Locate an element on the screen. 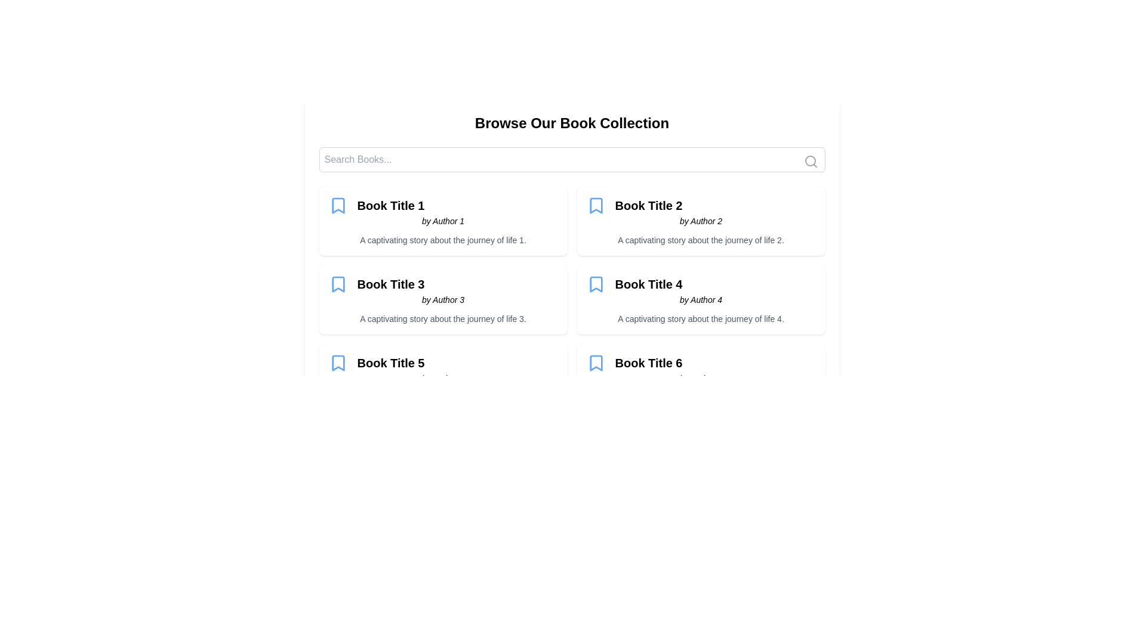 Image resolution: width=1146 pixels, height=644 pixels. the text label displaying 'A captivating story about the journey of life 2' located in the second card of the second column within the book entries grid is located at coordinates (701, 240).